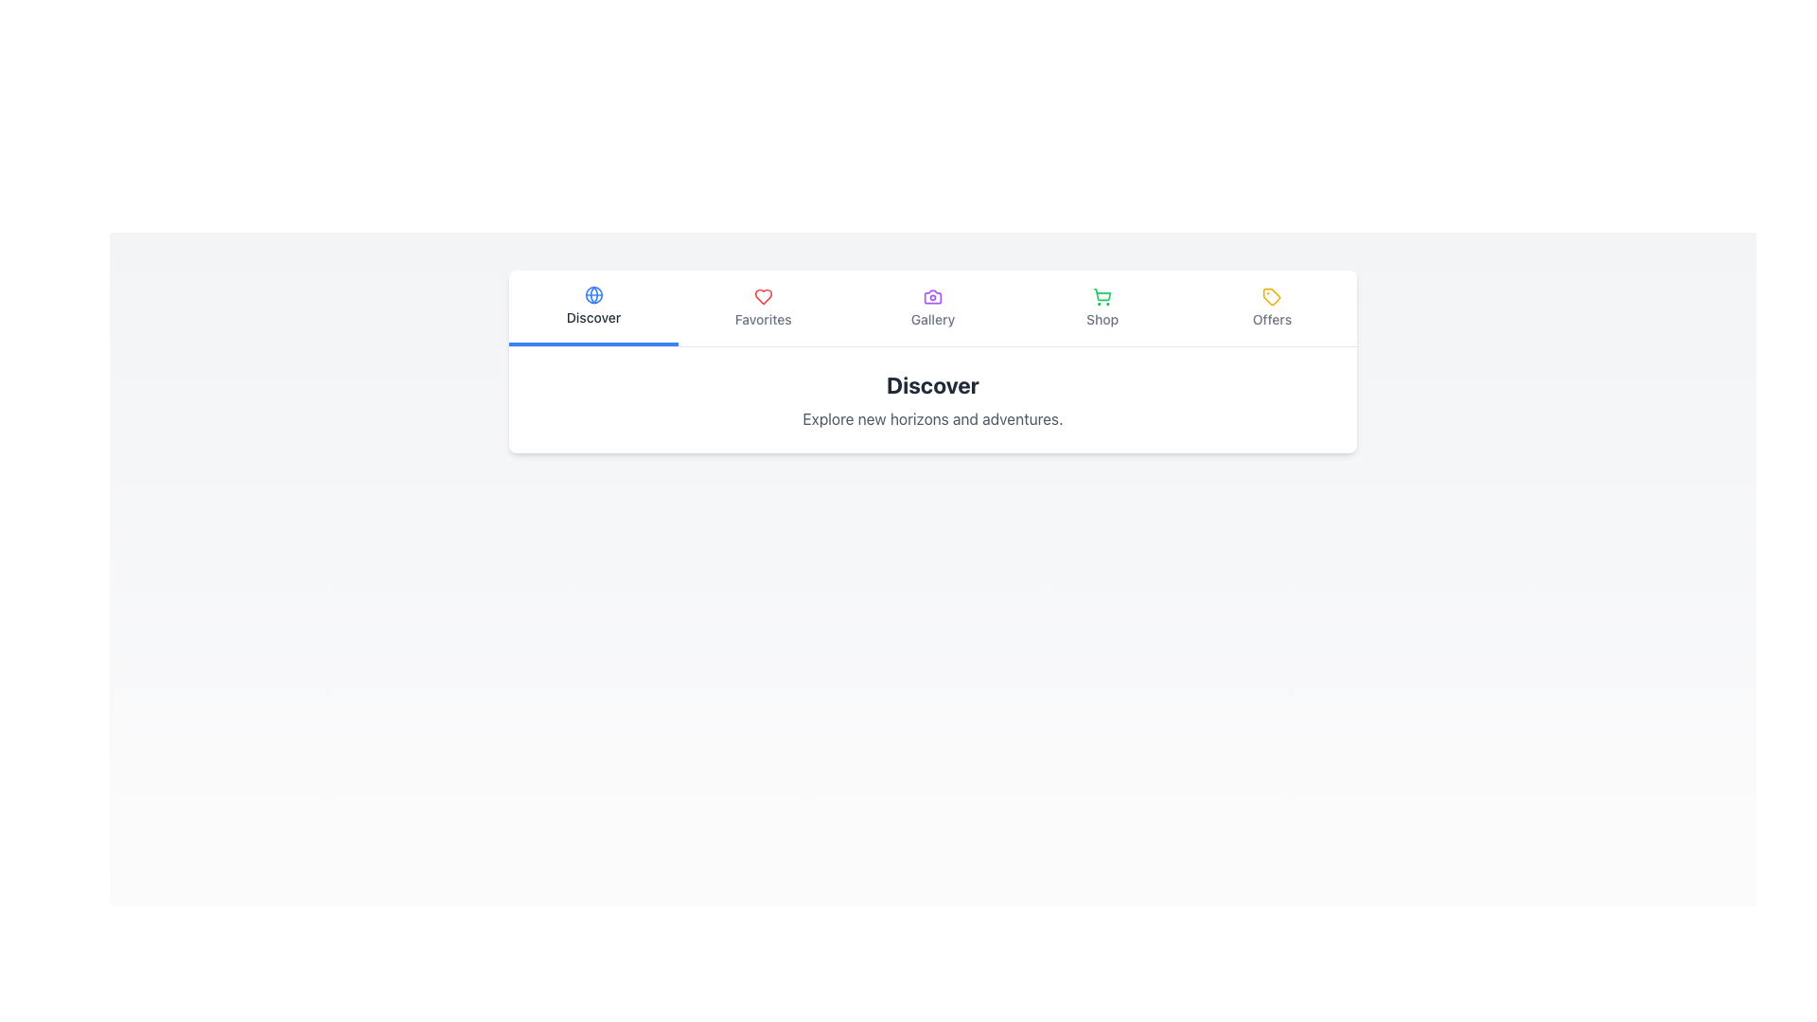 This screenshot has width=1817, height=1022. What do you see at coordinates (932, 296) in the screenshot?
I see `the purple camera icon in the navigation bar, which is the third icon from the left, located directly above the 'Gallery' label` at bounding box center [932, 296].